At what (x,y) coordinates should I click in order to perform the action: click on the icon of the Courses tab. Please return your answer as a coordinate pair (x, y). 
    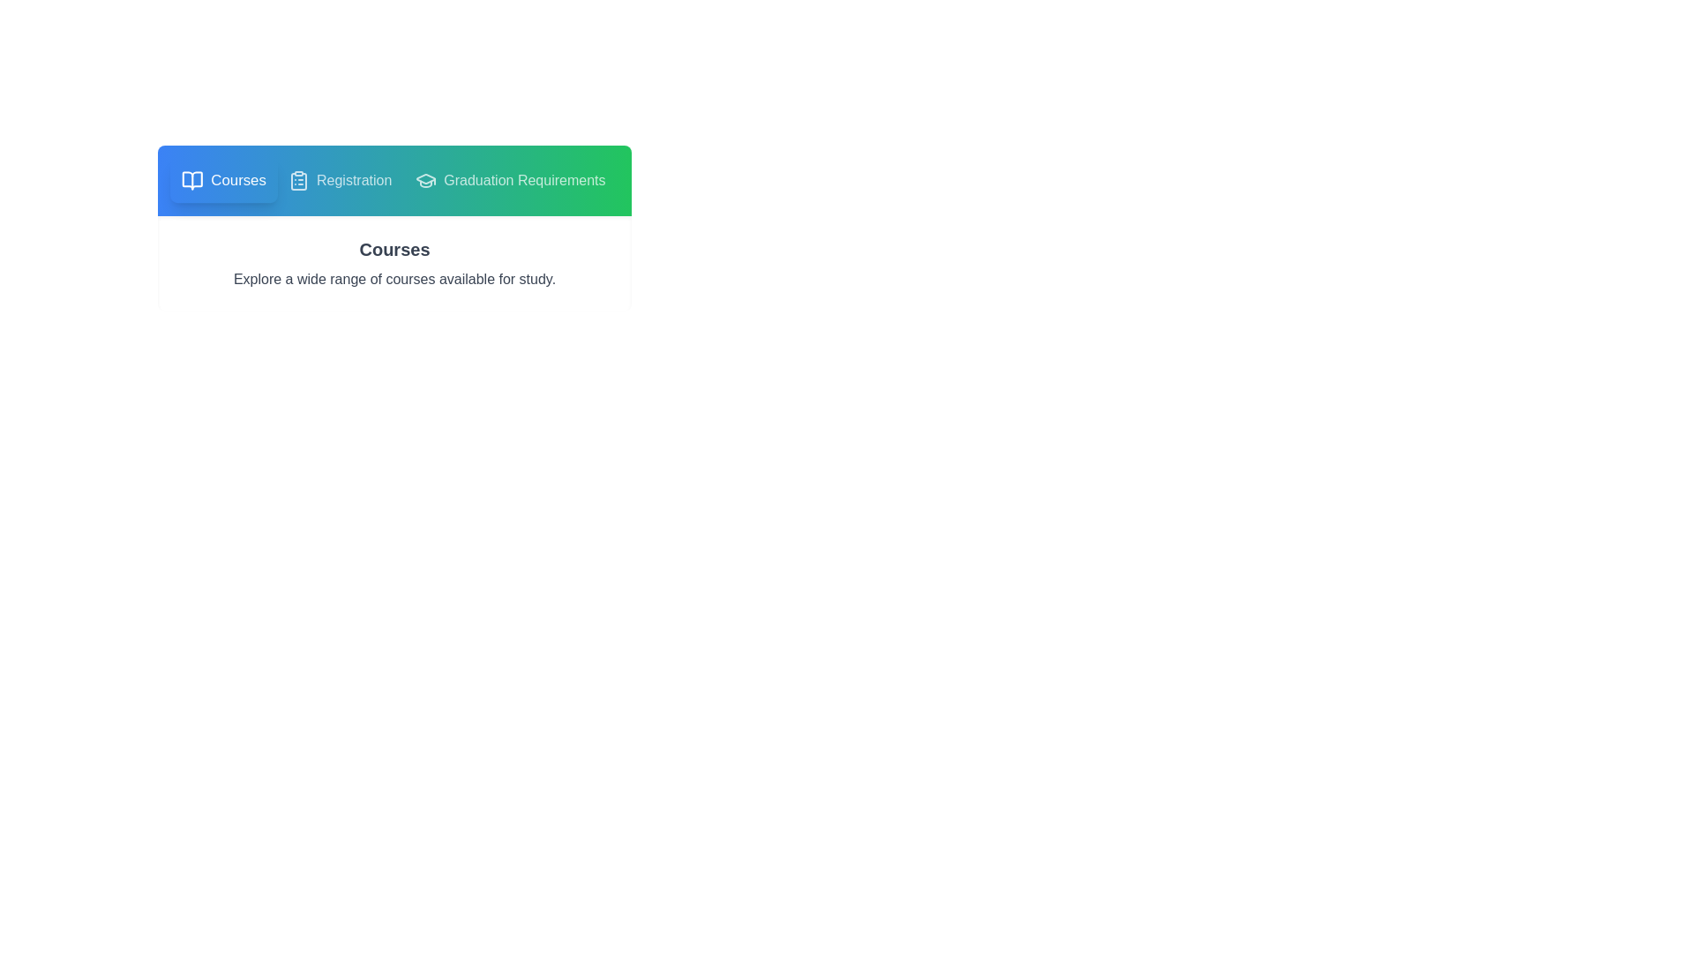
    Looking at the image, I should click on (192, 180).